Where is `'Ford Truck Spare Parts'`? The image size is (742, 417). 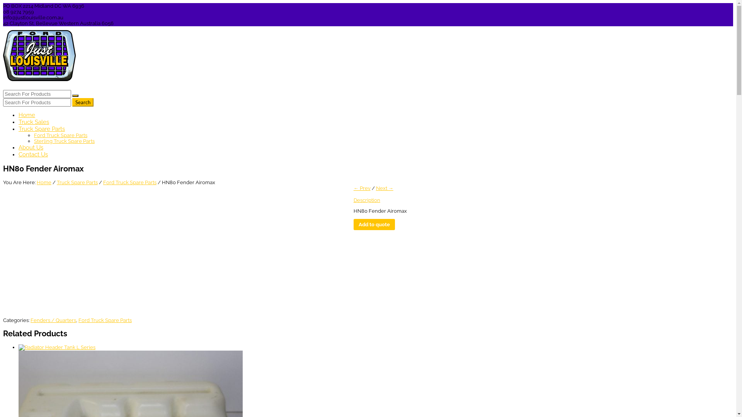 'Ford Truck Spare Parts' is located at coordinates (130, 182).